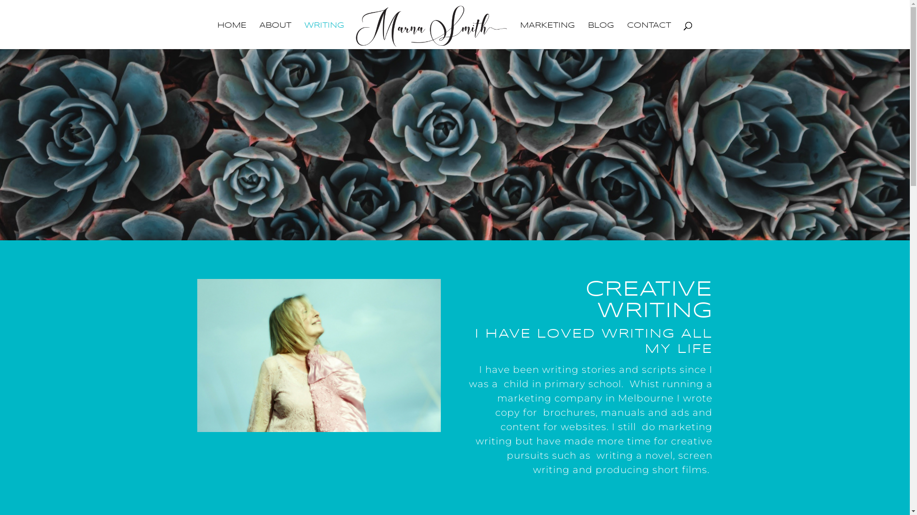 This screenshot has height=515, width=917. Describe the element at coordinates (649, 35) in the screenshot. I see `'CONTACT'` at that location.